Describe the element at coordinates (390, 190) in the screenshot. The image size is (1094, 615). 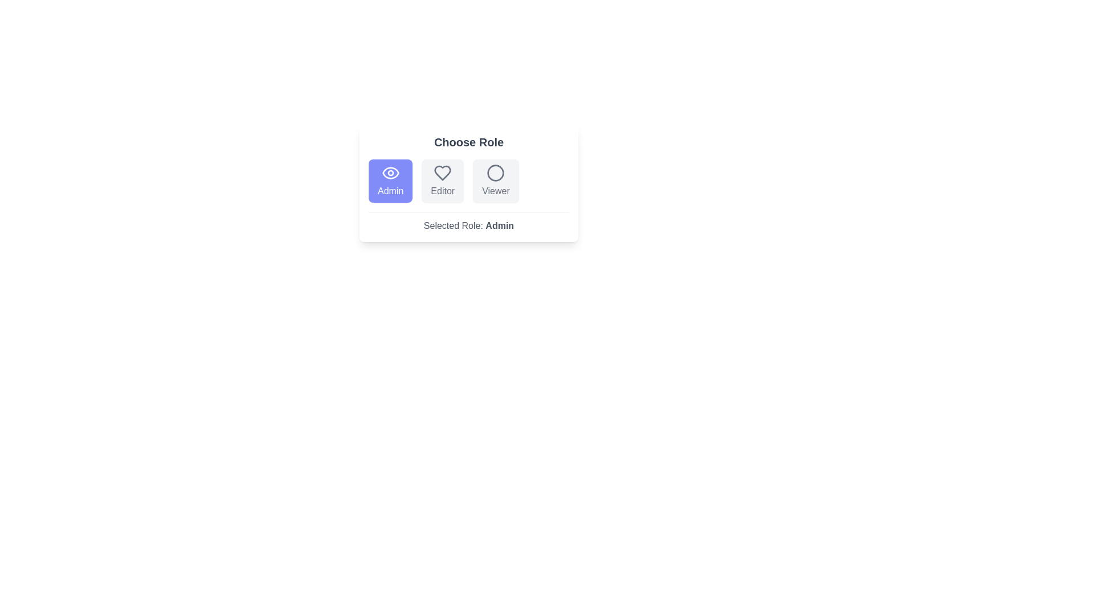
I see `the label indicating the selected role 'Admin' to focus on it` at that location.